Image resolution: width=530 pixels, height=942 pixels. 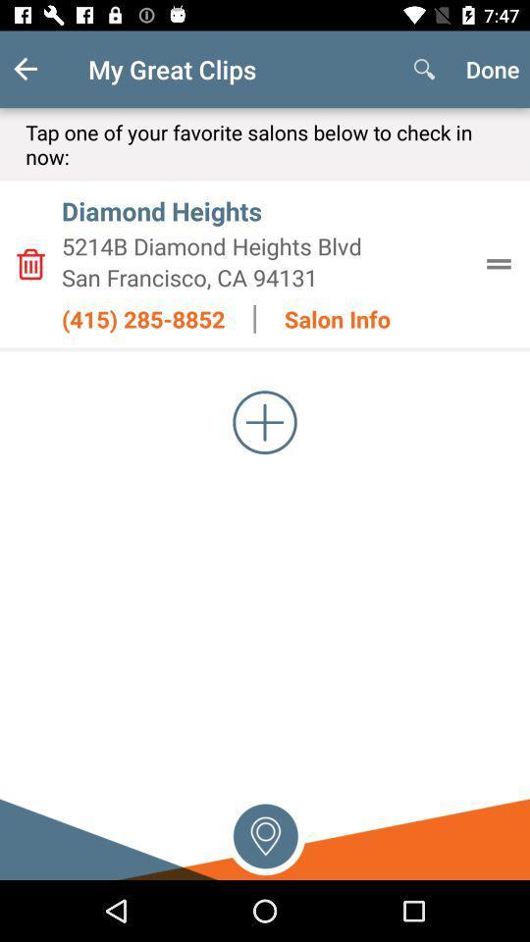 I want to click on the item below the 5214b diamond heights icon, so click(x=265, y=276).